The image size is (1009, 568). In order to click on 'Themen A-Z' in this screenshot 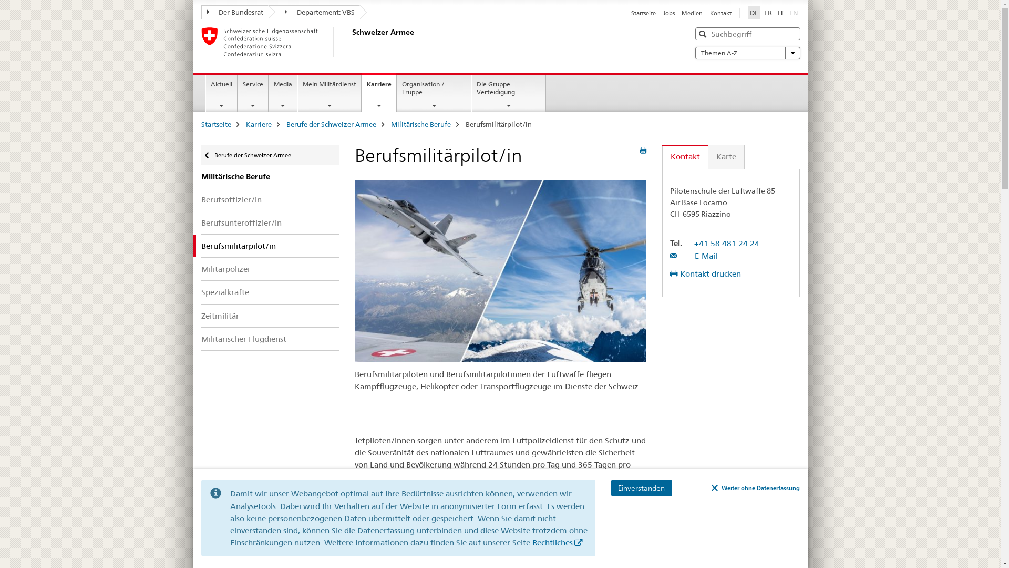, I will do `click(694, 53)`.